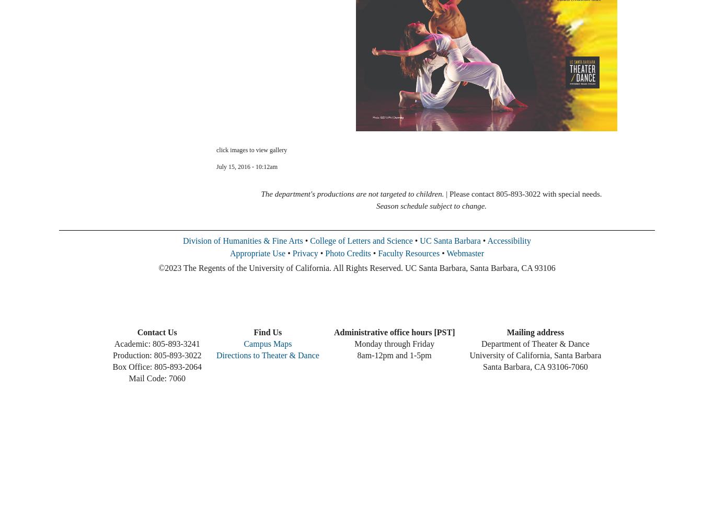  Describe the element at coordinates (169, 268) in the screenshot. I see `'©2023'` at that location.